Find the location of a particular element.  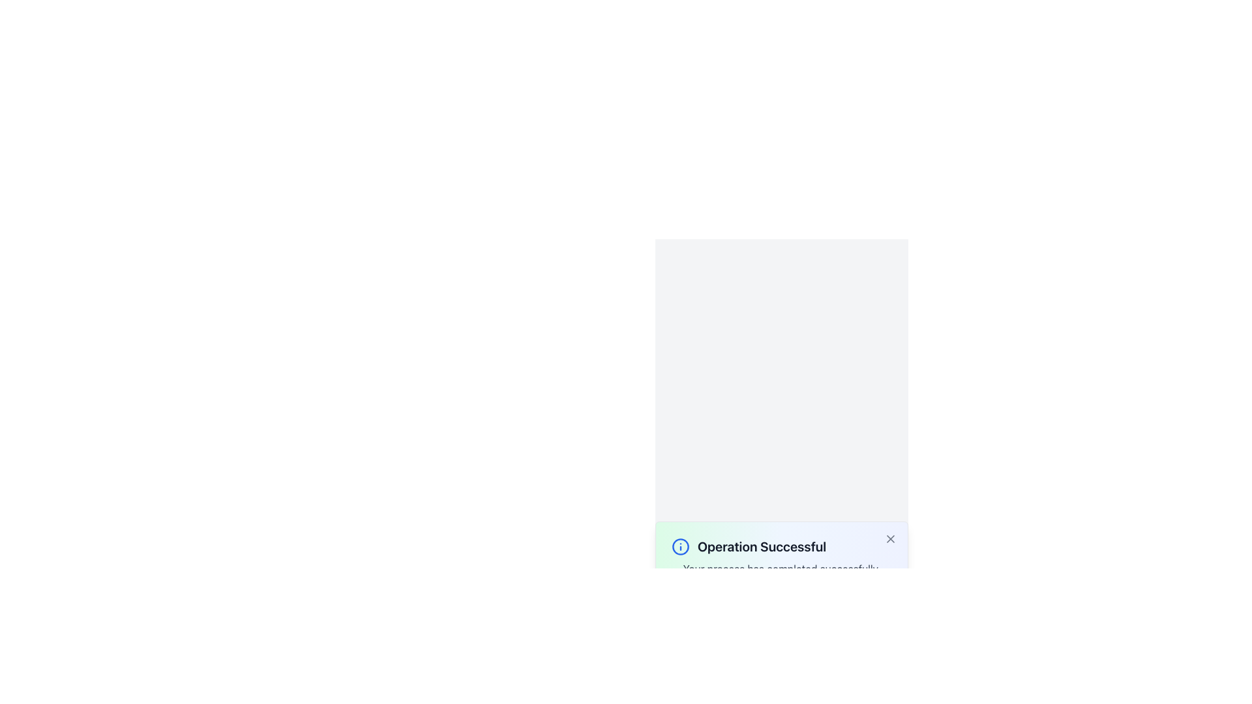

the blue circular outline of the information icon located at the bottom-left corner of the notification panel displaying 'Operation Successful' is located at coordinates (679, 547).